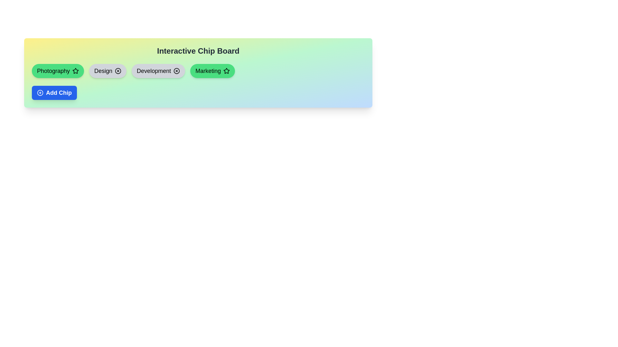 The image size is (618, 347). What do you see at coordinates (54, 93) in the screenshot?
I see `the 'Add Chip' button, which is a rectangular button with a blue background and white text, featuring a circular plus sign icon to the left of the text` at bounding box center [54, 93].